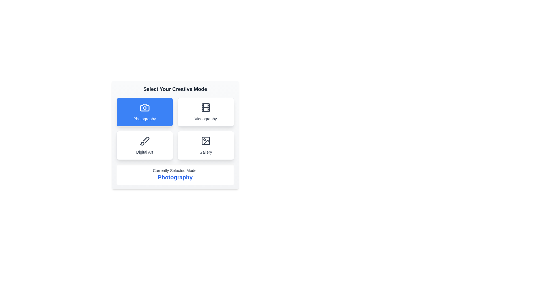 This screenshot has height=305, width=543. I want to click on the mode Digital Art by clicking its respective button, so click(145, 145).